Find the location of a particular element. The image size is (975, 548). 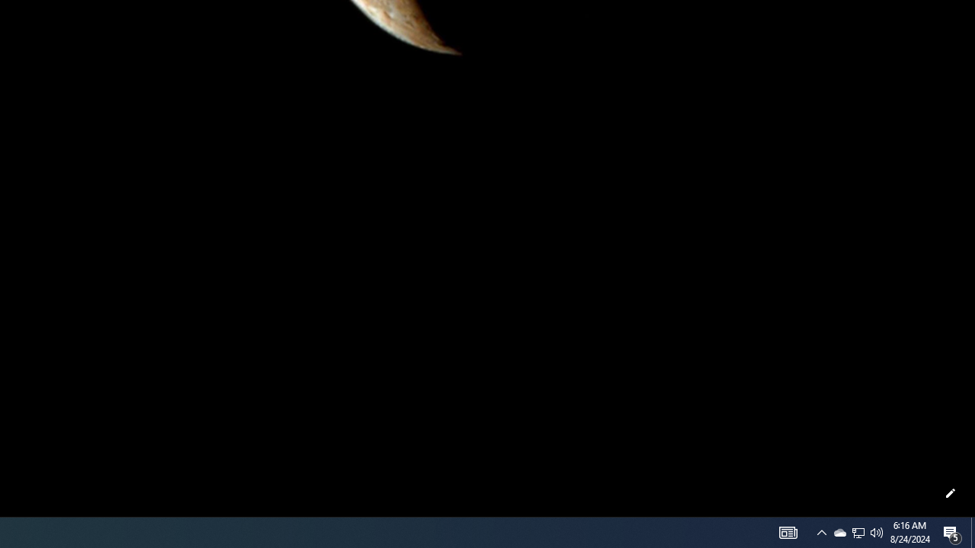

'Customize this page' is located at coordinates (950, 493).